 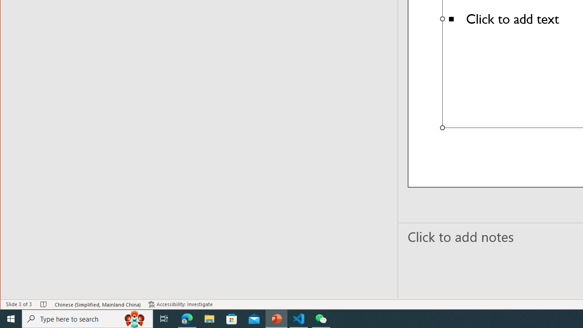 What do you see at coordinates (321, 318) in the screenshot?
I see `'WeChat - 1 running window'` at bounding box center [321, 318].